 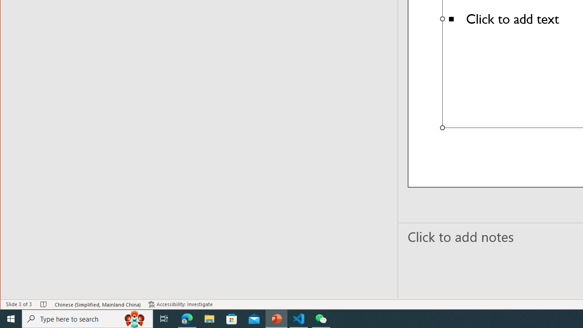 What do you see at coordinates (321, 318) in the screenshot?
I see `'WeChat - 1 running window'` at bounding box center [321, 318].